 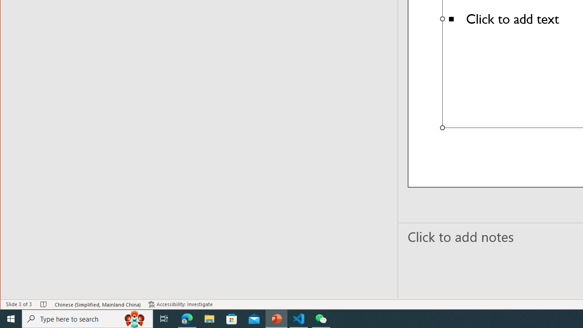 What do you see at coordinates (321, 318) in the screenshot?
I see `'WeChat - 1 running window'` at bounding box center [321, 318].